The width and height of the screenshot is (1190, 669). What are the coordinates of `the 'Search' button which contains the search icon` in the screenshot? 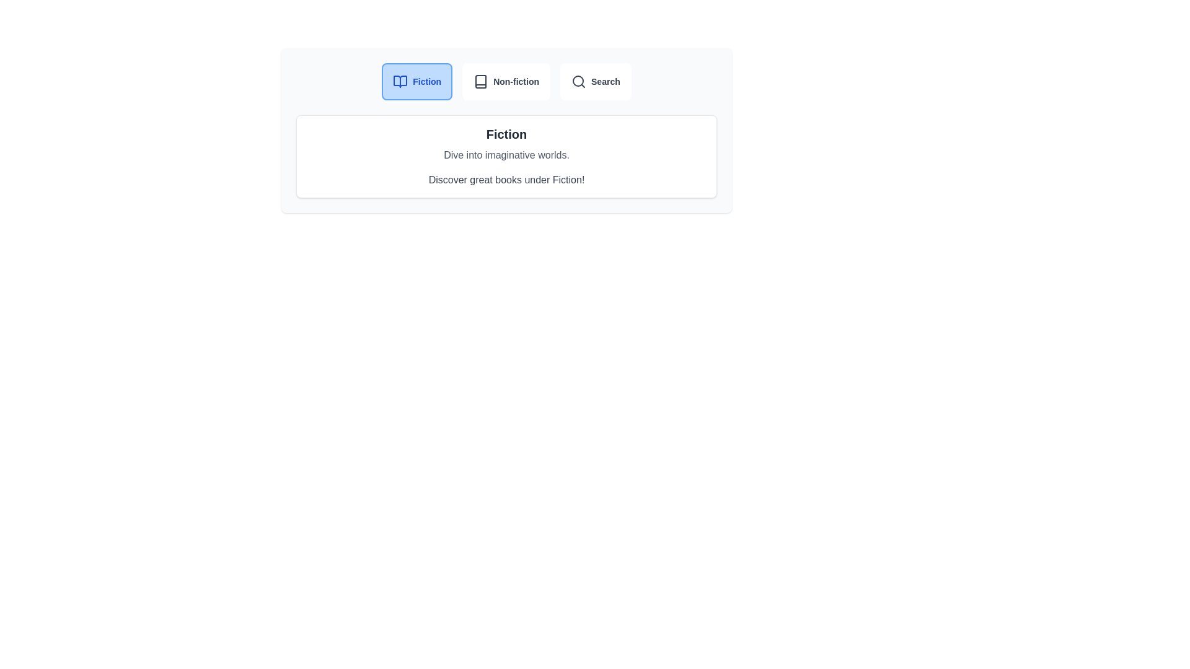 It's located at (578, 81).